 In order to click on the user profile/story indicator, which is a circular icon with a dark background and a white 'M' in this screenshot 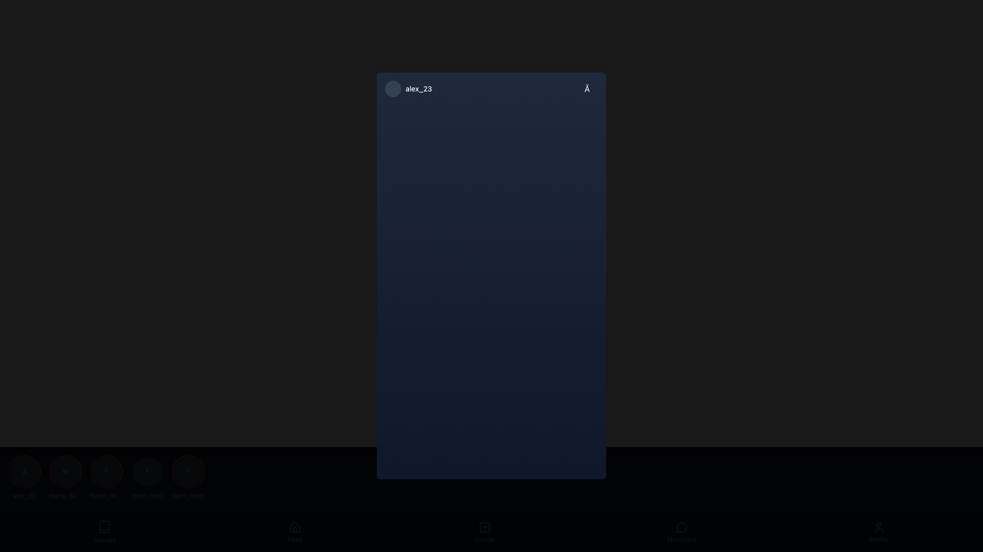, I will do `click(65, 471)`.